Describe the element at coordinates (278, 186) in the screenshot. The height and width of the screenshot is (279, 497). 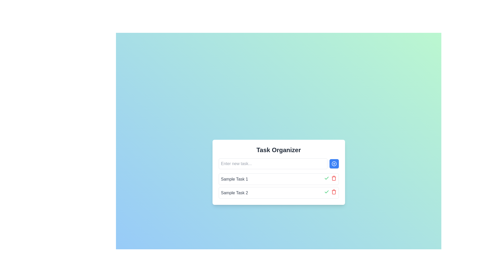
I see `task names from the List element containing 'Sample Task 1' and 'Sample Task 2' within the 'Task Organizer' panel` at that location.